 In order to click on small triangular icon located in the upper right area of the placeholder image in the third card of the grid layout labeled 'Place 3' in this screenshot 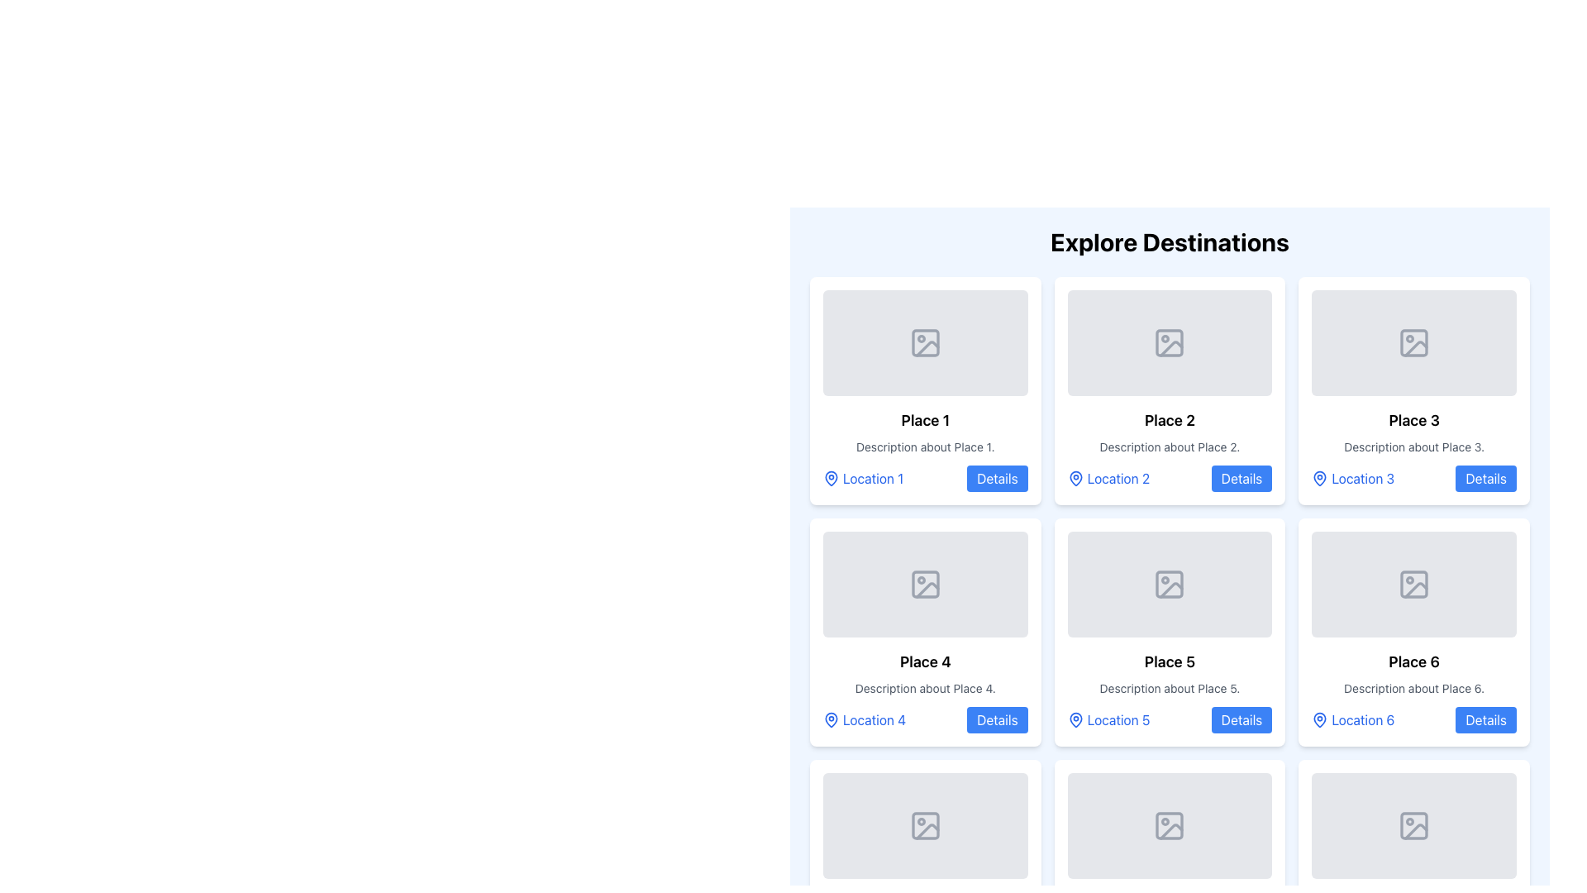, I will do `click(1415, 347)`.